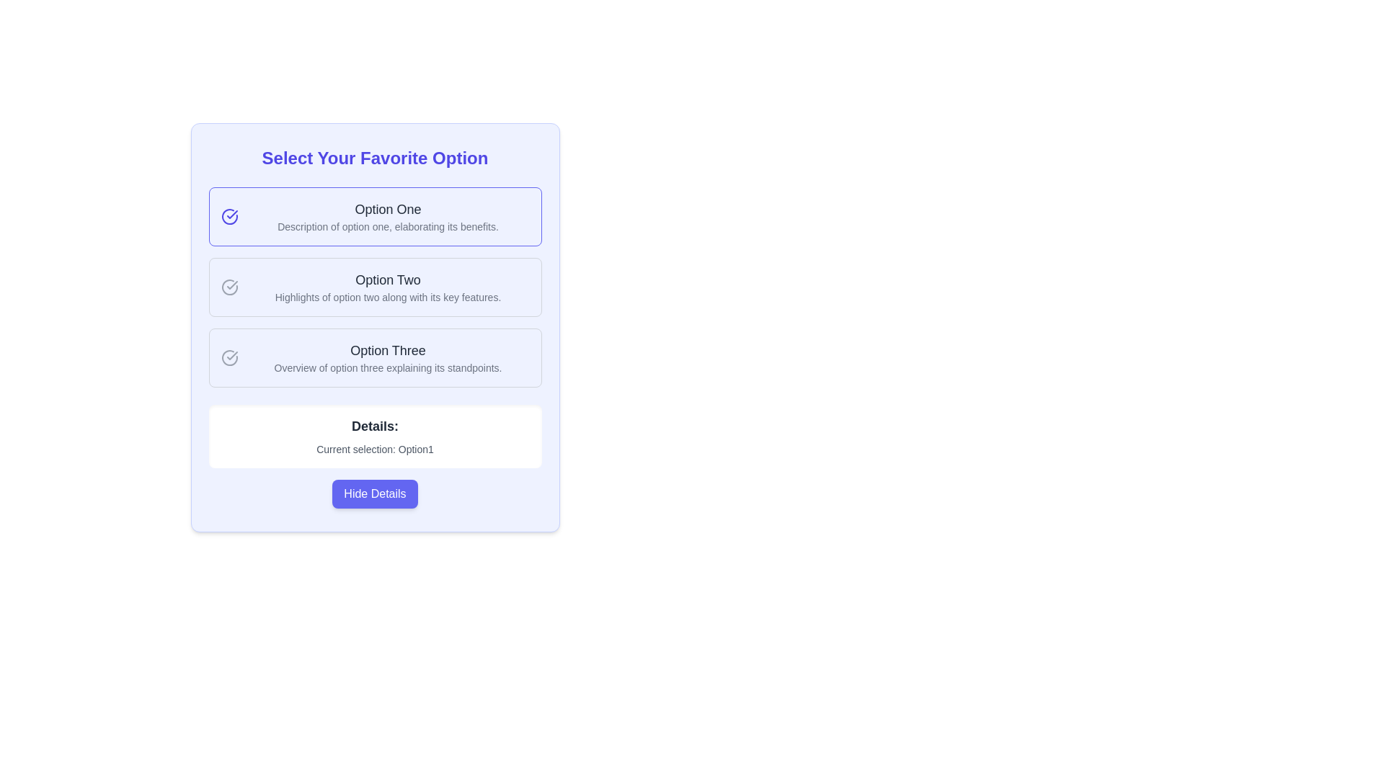 Image resolution: width=1384 pixels, height=778 pixels. I want to click on the radio option button labeled 'Option Three' which has a circular checkmark icon and a two-line description, so click(375, 357).